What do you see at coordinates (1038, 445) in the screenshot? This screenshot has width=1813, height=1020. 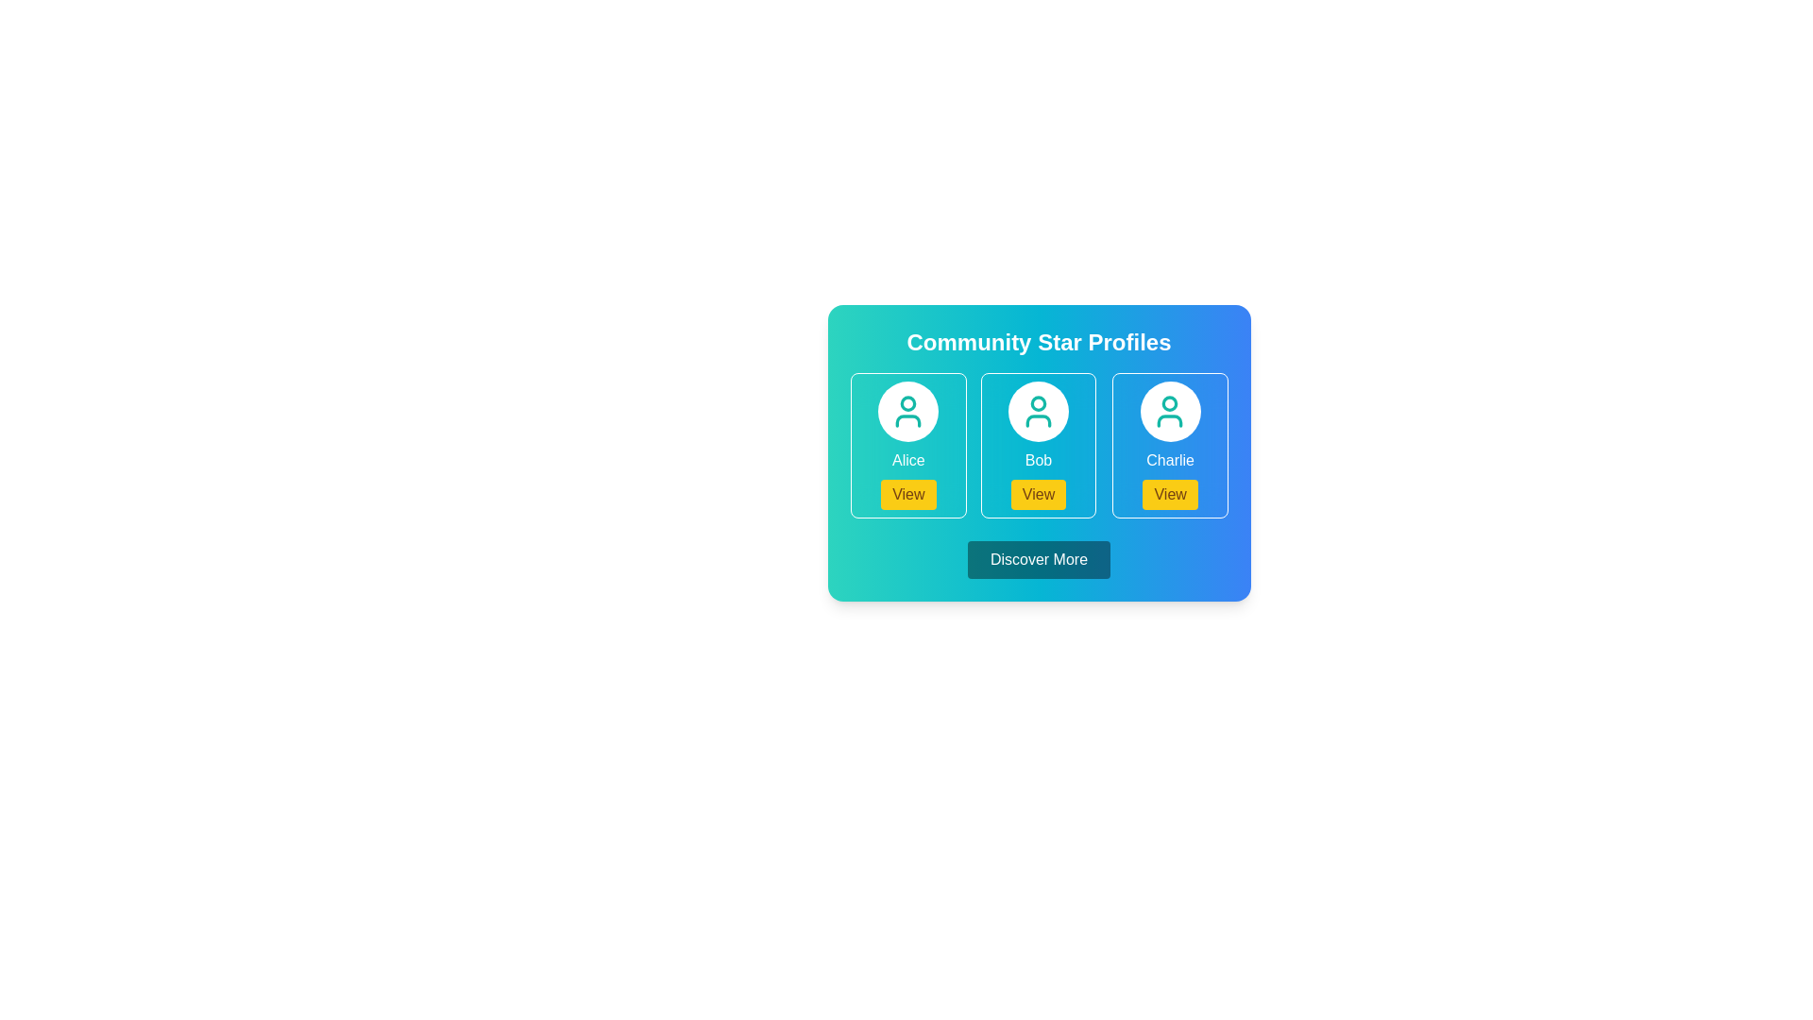 I see `the 'View' button on the interactive profile card for user 'Bob' located centrally within the 'Community Star Profiles' grid layout` at bounding box center [1038, 445].